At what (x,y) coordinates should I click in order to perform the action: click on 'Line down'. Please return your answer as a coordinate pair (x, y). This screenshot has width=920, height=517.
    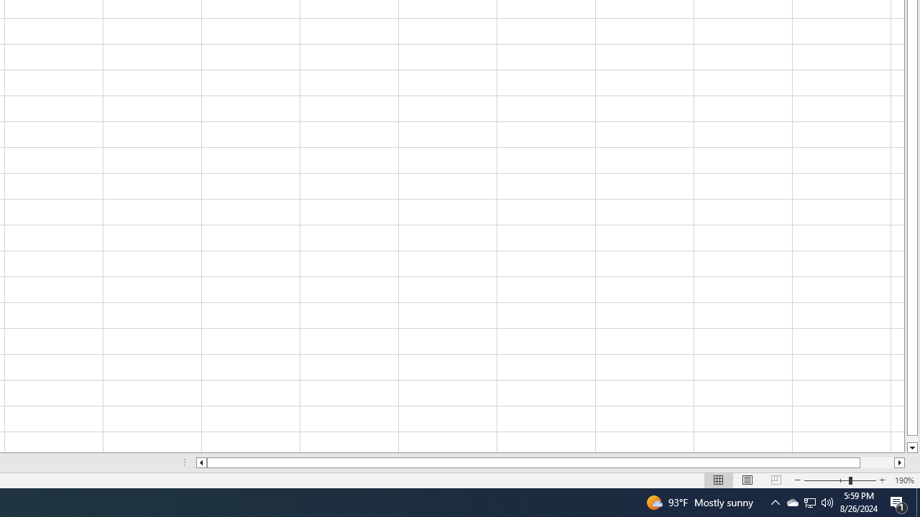
    Looking at the image, I should click on (911, 447).